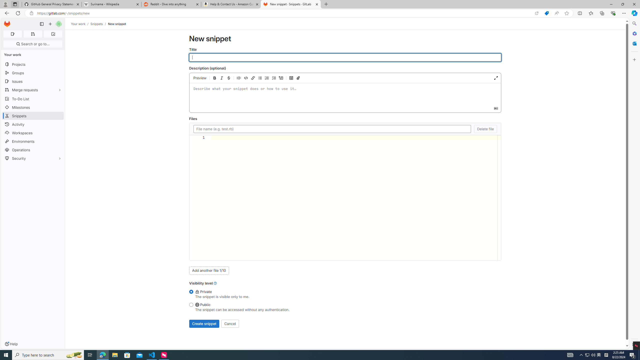 The image size is (640, 360). Describe the element at coordinates (32, 124) in the screenshot. I see `'Activity'` at that location.